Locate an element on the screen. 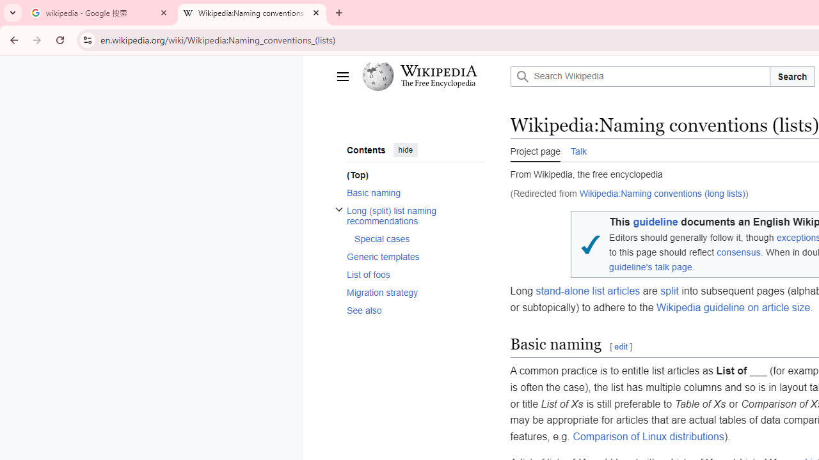 The image size is (819, 460). 'AutomationID: toc-Migration_strategy' is located at coordinates (411, 292).